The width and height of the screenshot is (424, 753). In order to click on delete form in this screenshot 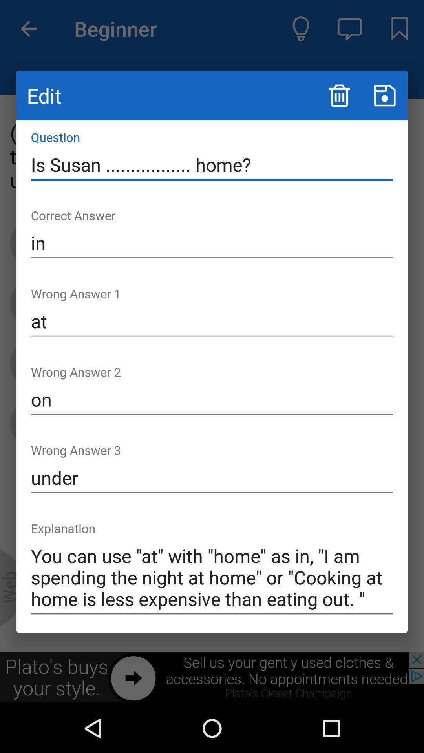, I will do `click(339, 95)`.